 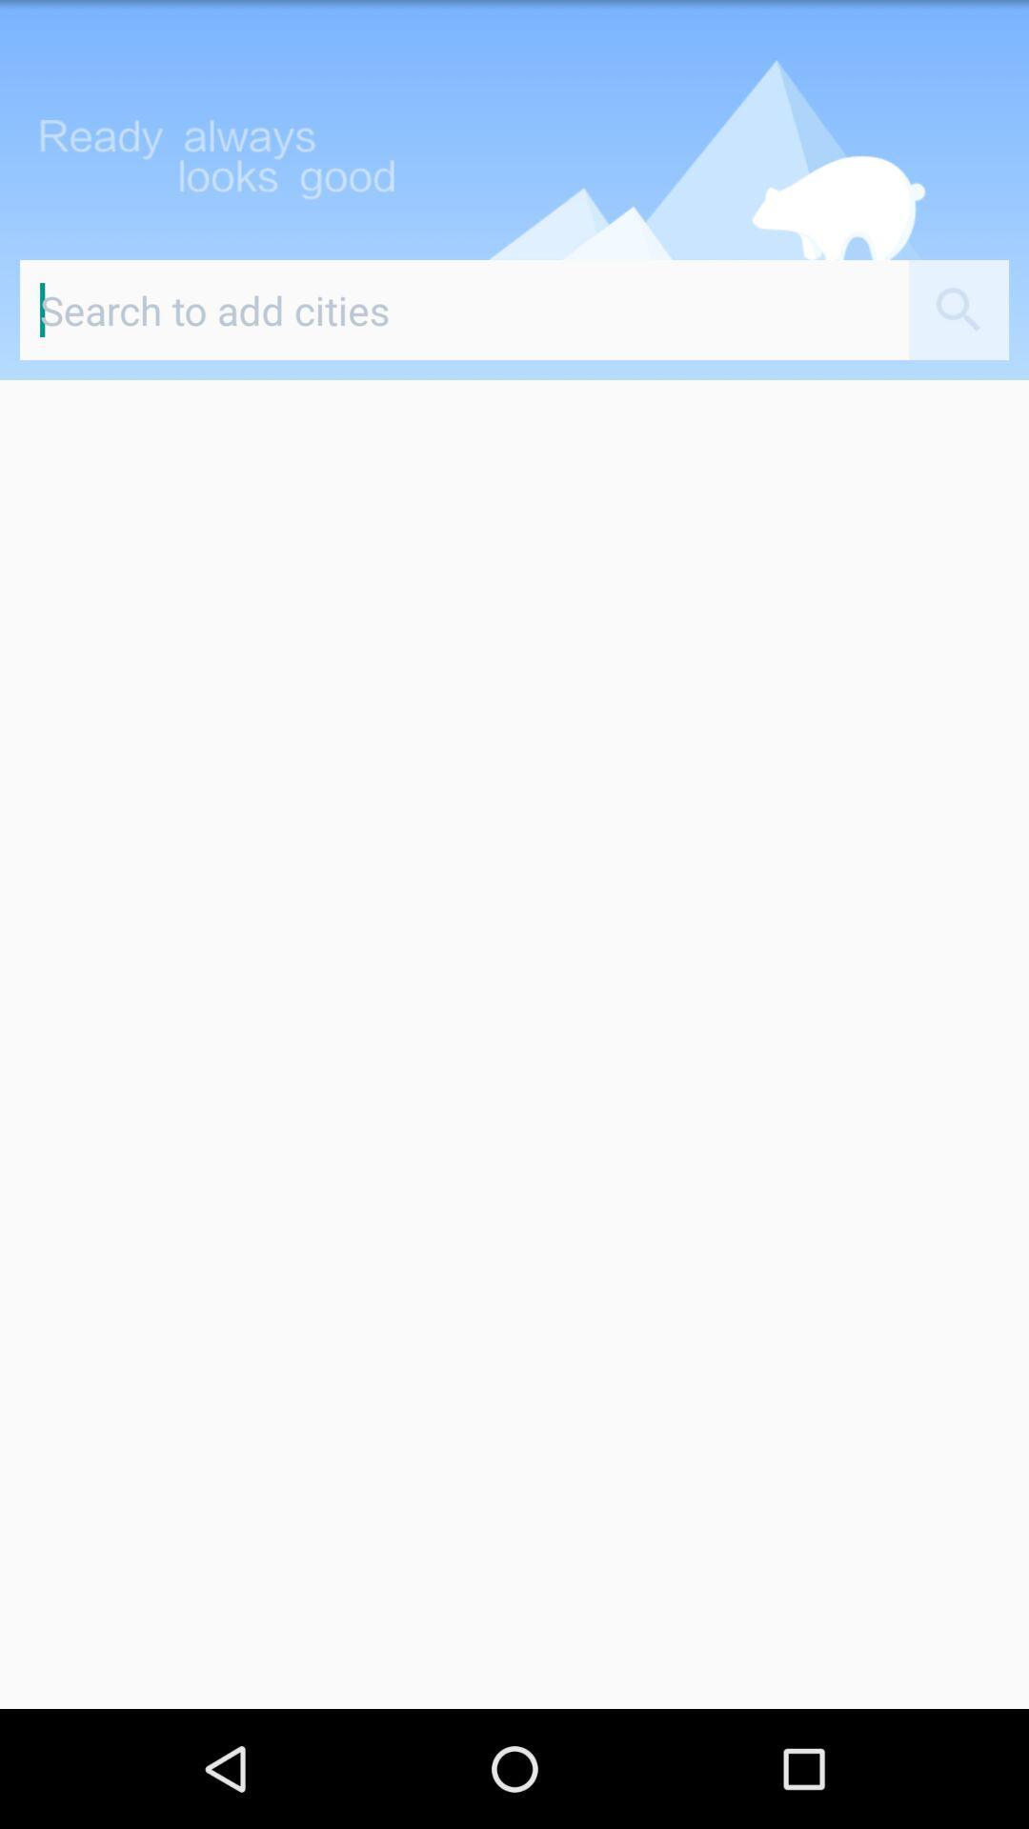 What do you see at coordinates (464, 310) in the screenshot?
I see `search` at bounding box center [464, 310].